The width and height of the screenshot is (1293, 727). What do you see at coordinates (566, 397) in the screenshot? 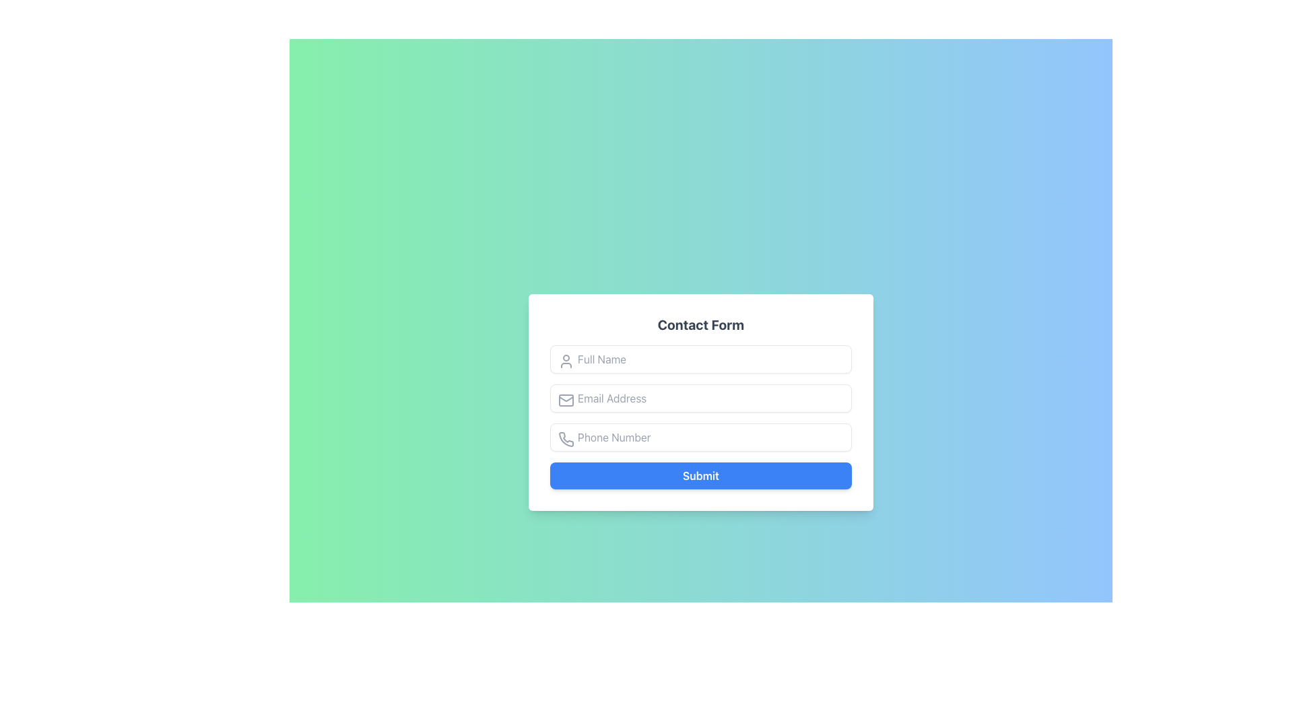
I see `the curved downward line forming the bottom part of the mail envelope icon in the email address input field of the contact form` at bounding box center [566, 397].